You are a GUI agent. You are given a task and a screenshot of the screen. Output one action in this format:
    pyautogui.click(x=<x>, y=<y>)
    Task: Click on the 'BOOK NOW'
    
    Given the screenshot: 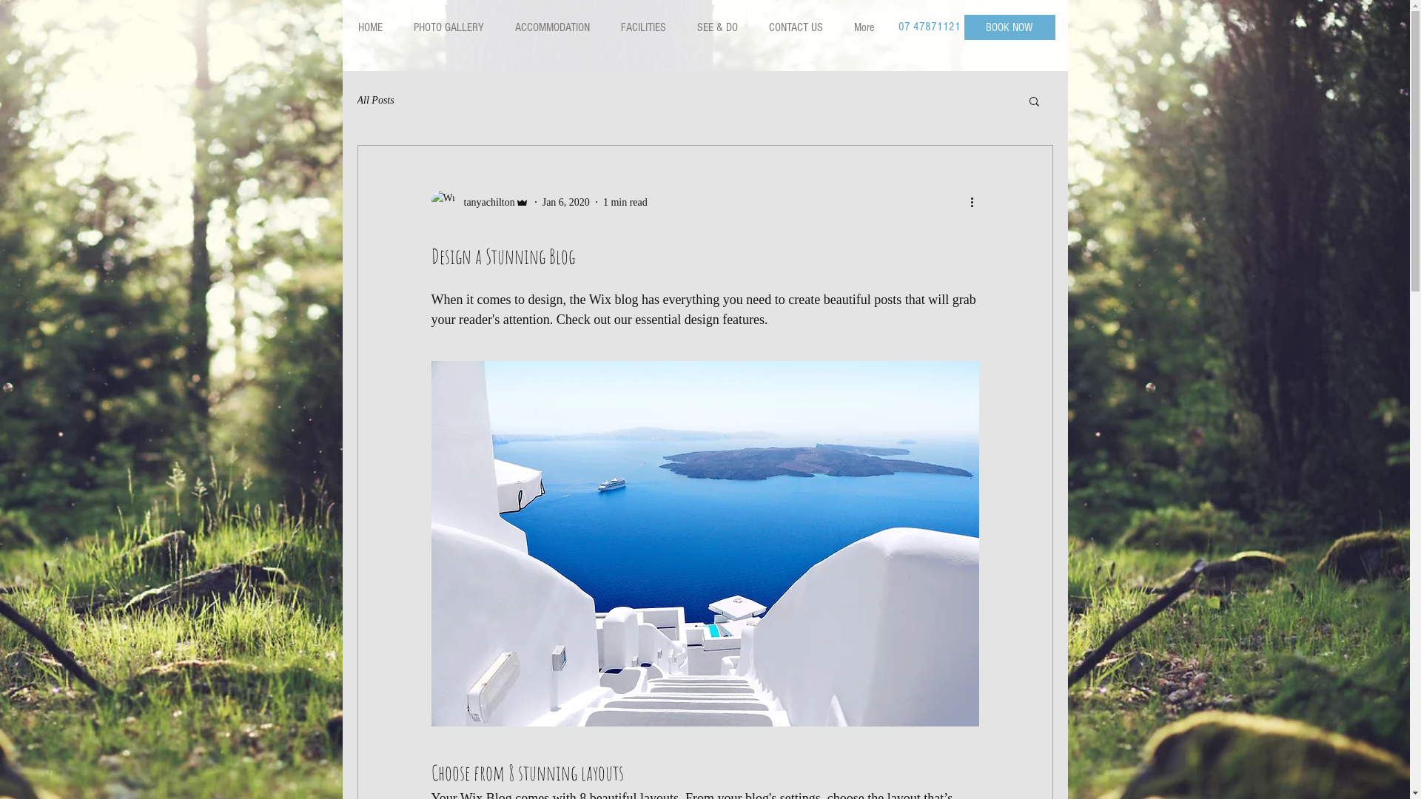 What is the action you would take?
    pyautogui.click(x=1008, y=27)
    